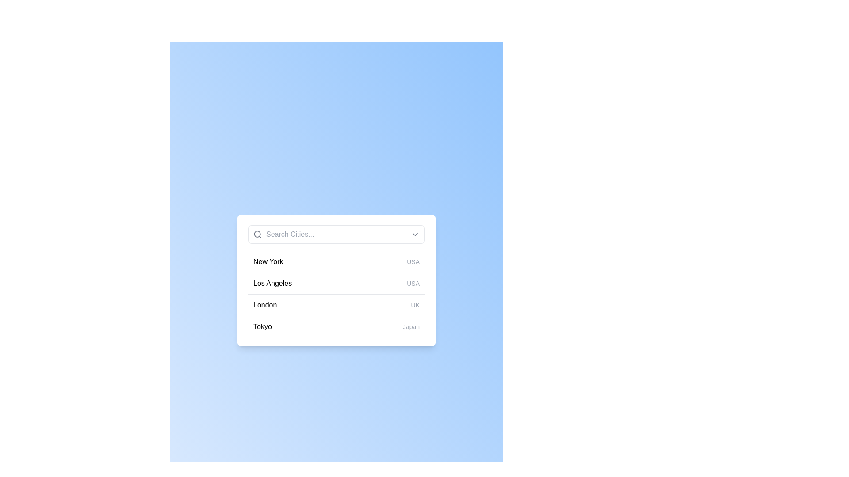  Describe the element at coordinates (272, 283) in the screenshot. I see `the text element displaying 'Los Angeles' in the dropdown list` at that location.